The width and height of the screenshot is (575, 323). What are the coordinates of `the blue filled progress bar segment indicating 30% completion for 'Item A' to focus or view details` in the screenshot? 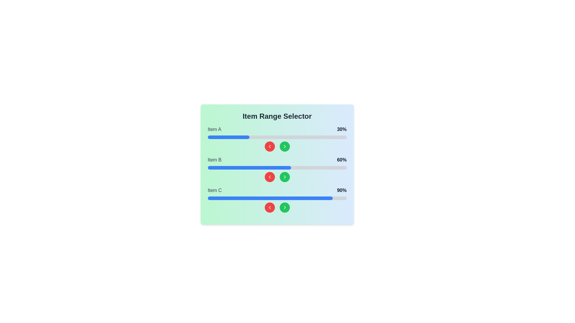 It's located at (228, 137).